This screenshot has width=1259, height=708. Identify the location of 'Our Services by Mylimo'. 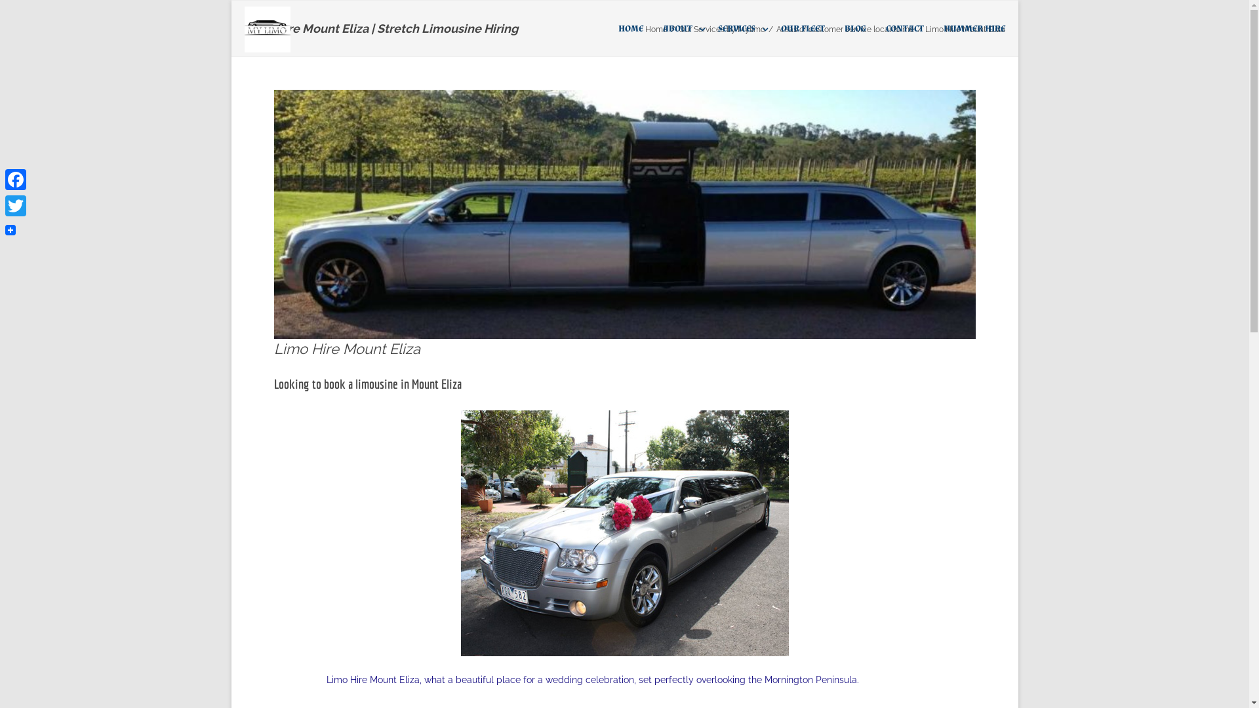
(720, 29).